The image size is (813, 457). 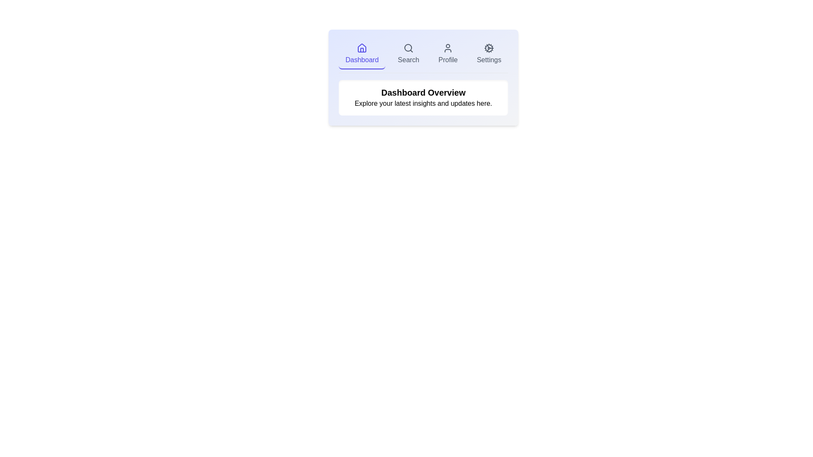 What do you see at coordinates (362, 54) in the screenshot?
I see `the 'Dashboard' navigational button located on the far left of a horizontal row of buttons` at bounding box center [362, 54].